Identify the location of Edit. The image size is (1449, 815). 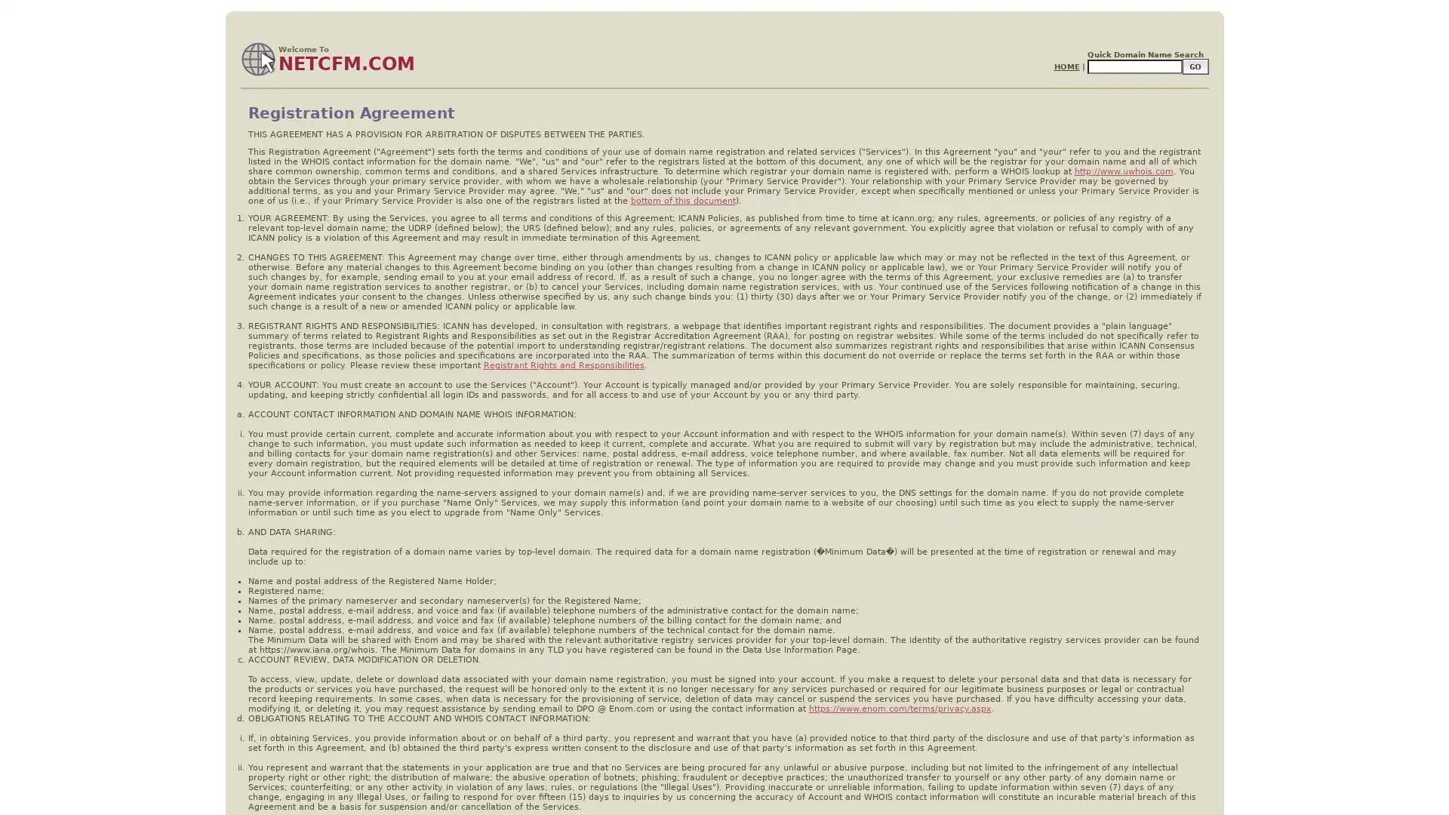
(1194, 66).